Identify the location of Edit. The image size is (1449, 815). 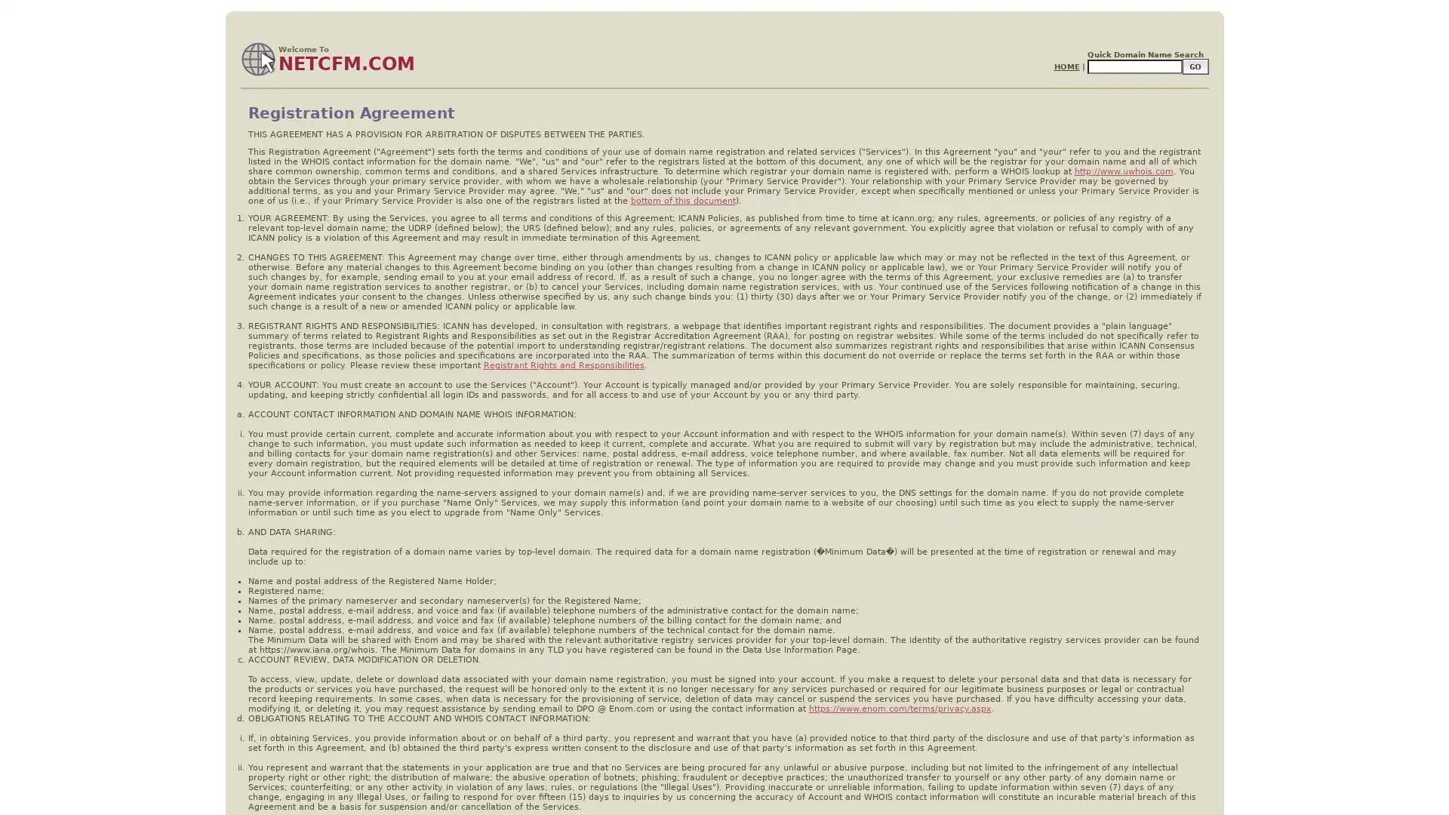
(1194, 66).